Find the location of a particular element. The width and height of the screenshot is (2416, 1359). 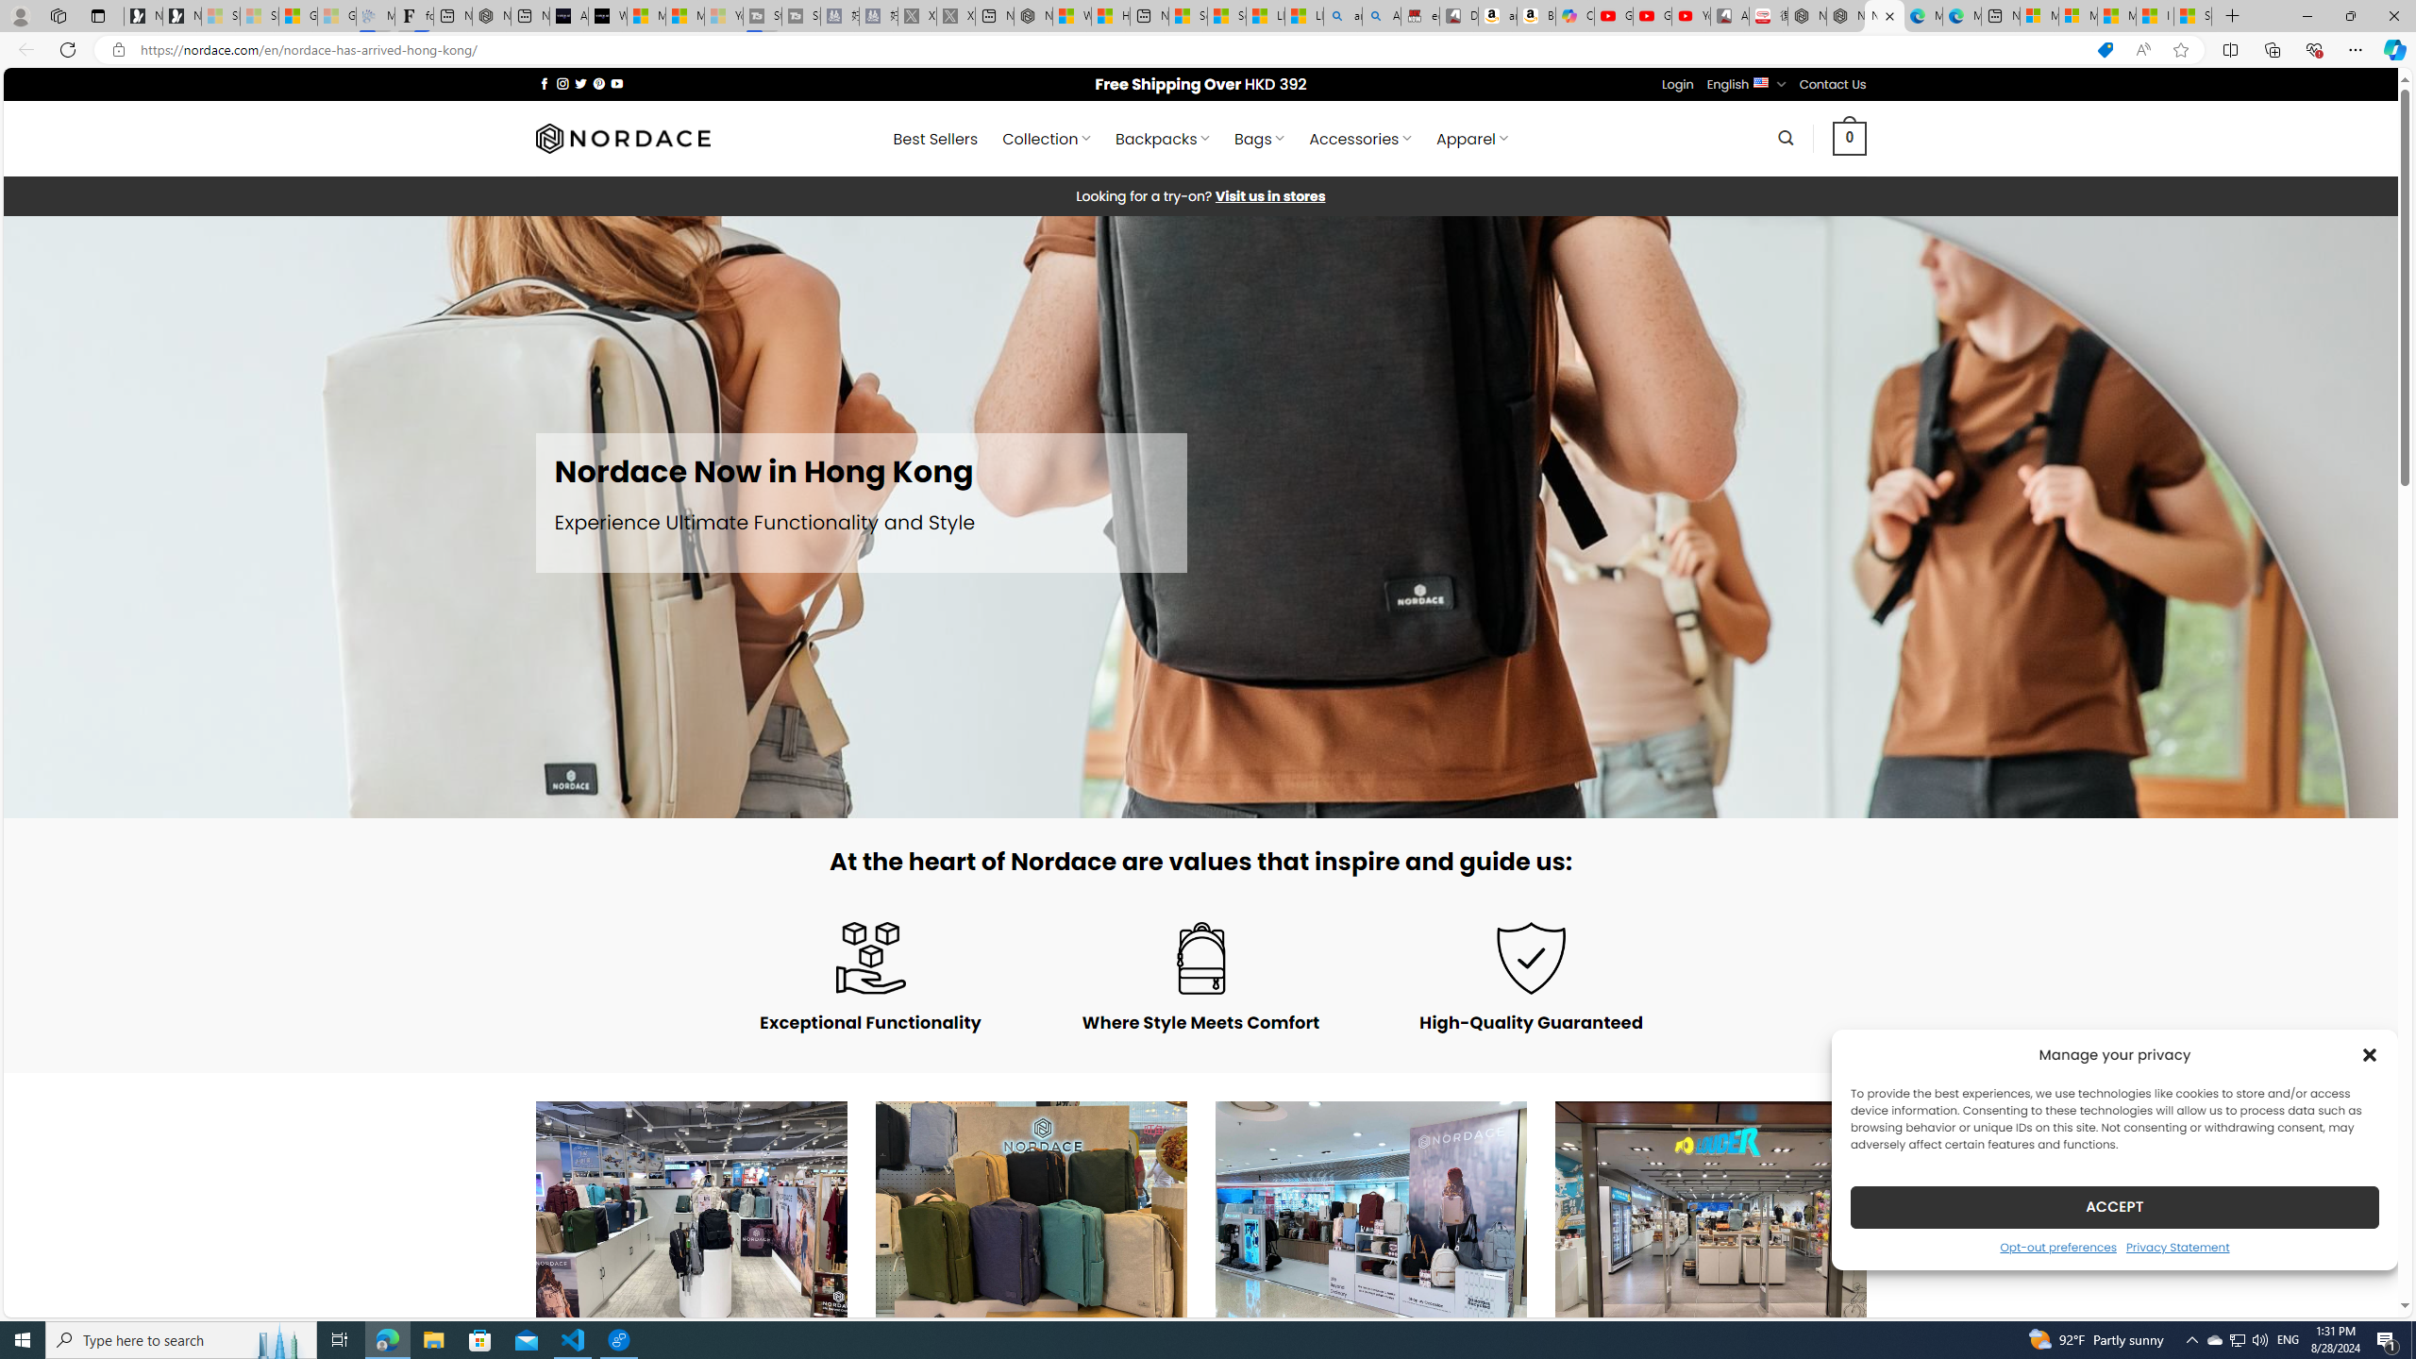

'Streaming Coverage | T3 - Sleeping' is located at coordinates (762, 15).